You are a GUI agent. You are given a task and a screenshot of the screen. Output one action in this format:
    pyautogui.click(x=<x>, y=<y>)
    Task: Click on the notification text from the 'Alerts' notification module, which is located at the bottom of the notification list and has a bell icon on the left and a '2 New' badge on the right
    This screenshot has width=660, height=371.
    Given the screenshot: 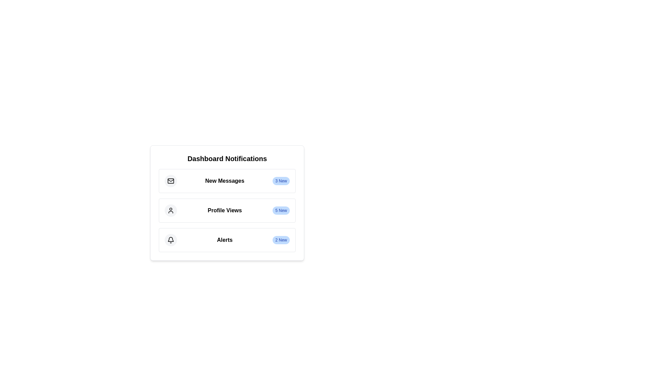 What is the action you would take?
    pyautogui.click(x=227, y=239)
    